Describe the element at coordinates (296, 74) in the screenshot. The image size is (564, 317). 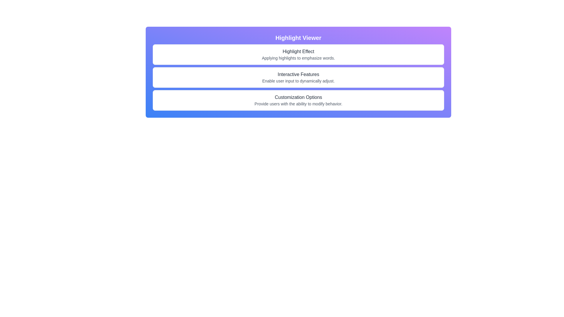
I see `the text character 'v' which is underlined and part of the section header 'Interactive Features', specifically the tenth character in the sequence` at that location.